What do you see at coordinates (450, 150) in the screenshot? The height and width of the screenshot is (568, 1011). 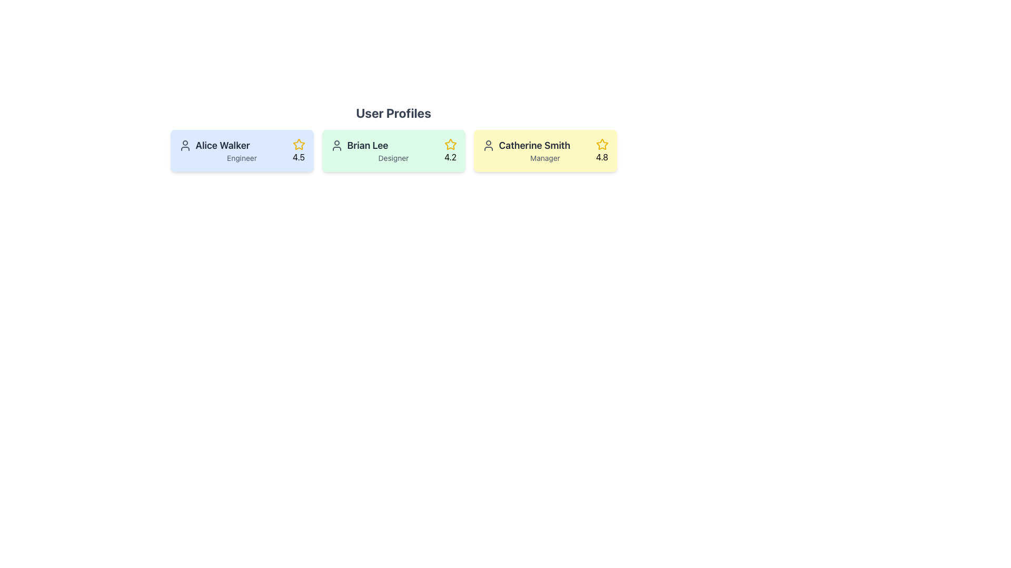 I see `the rating element for 'Brian Lee', which displays a star icon and a numeric rating of '4.2'` at bounding box center [450, 150].